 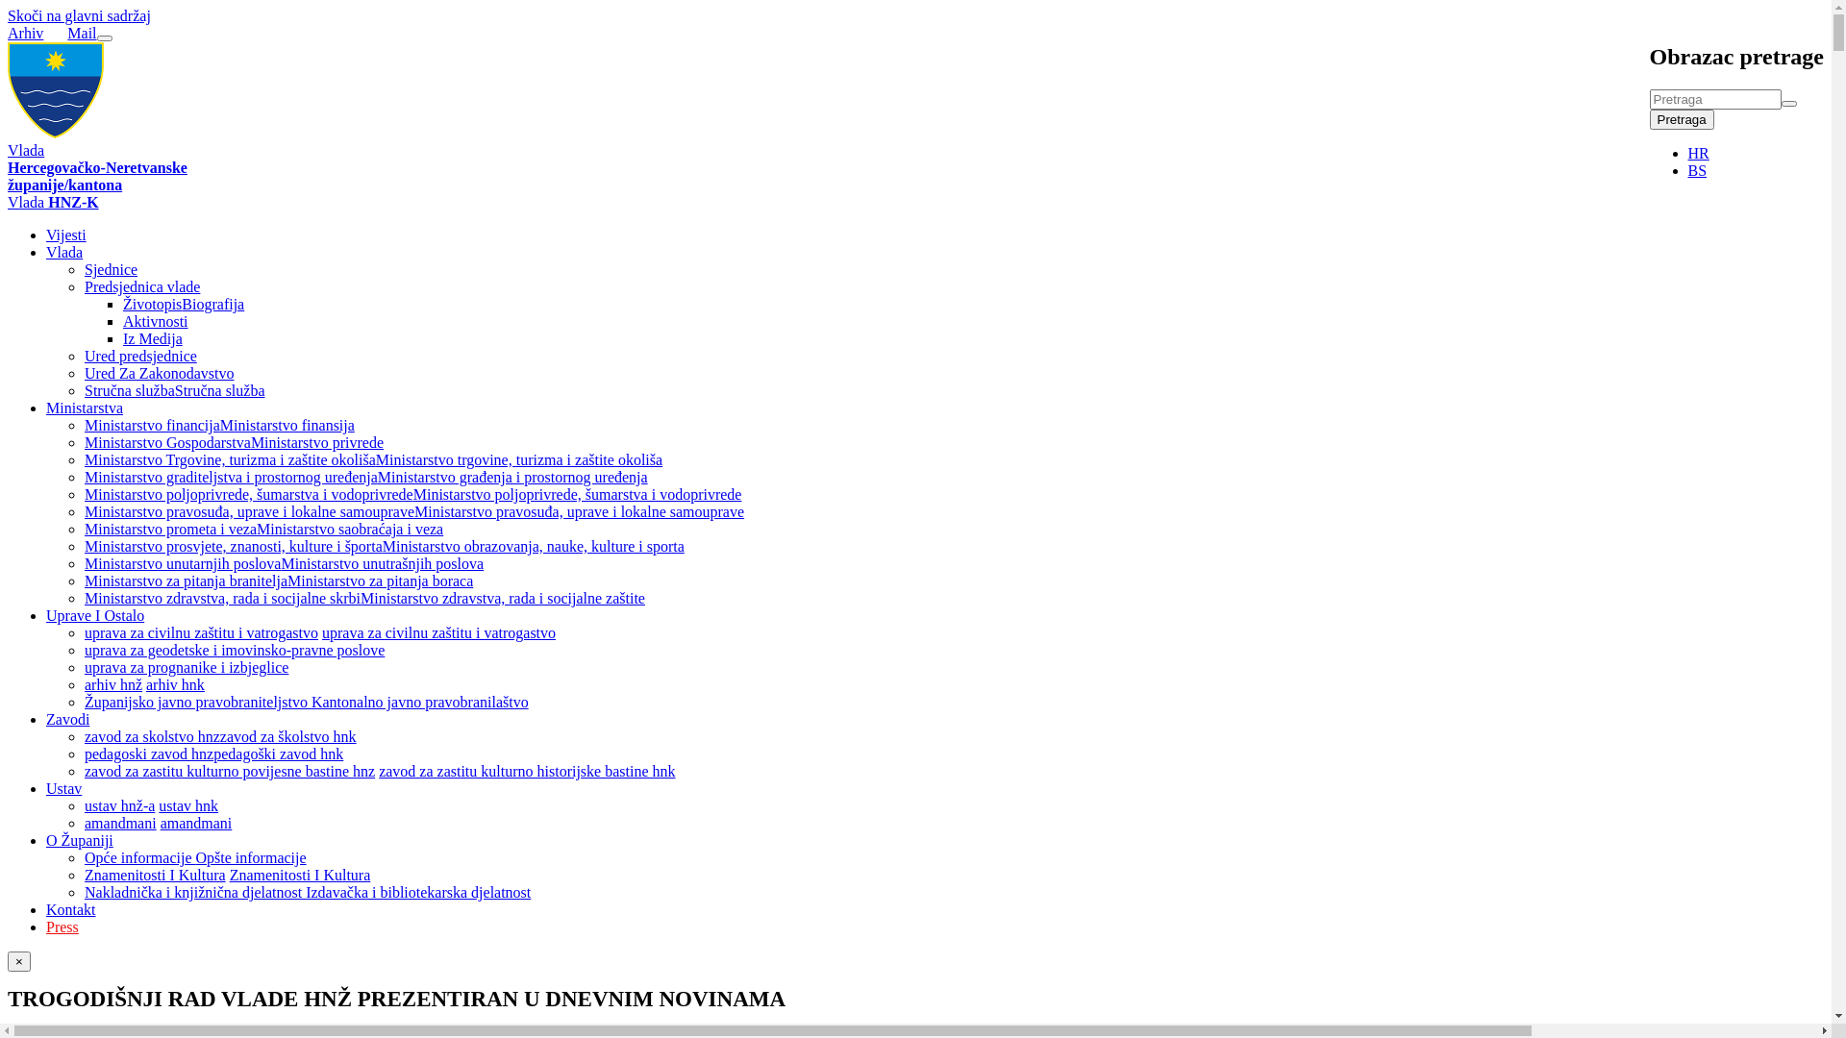 I want to click on 'Mail', so click(x=81, y=33).